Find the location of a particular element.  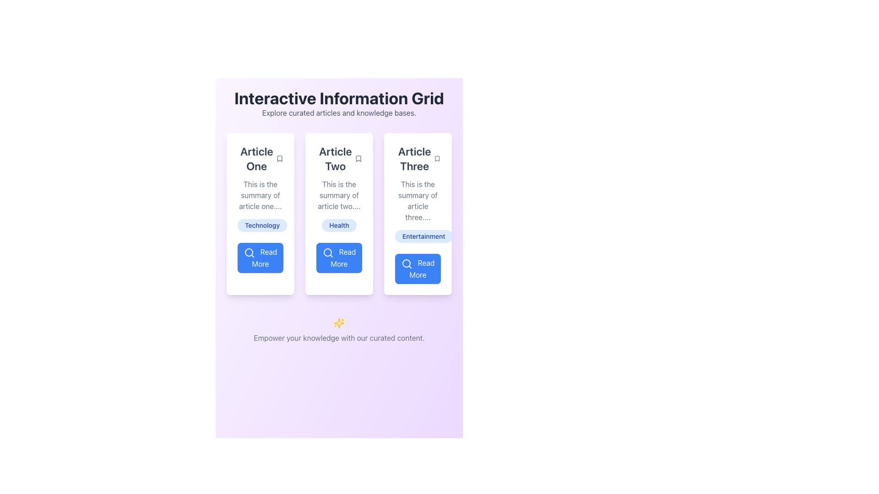

the interactive bookmark icon located in the top-right corner of the 'Article Three' card is located at coordinates (437, 158).